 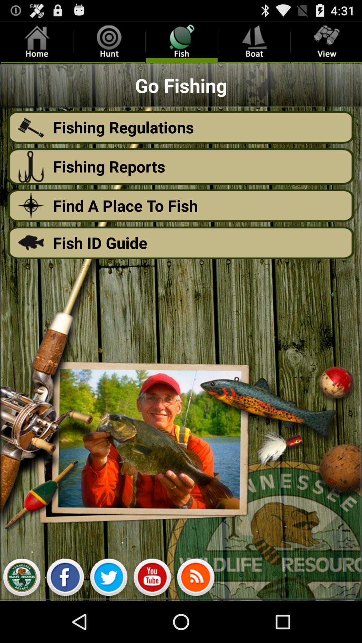 What do you see at coordinates (65, 579) in the screenshot?
I see `shows the facebook option` at bounding box center [65, 579].